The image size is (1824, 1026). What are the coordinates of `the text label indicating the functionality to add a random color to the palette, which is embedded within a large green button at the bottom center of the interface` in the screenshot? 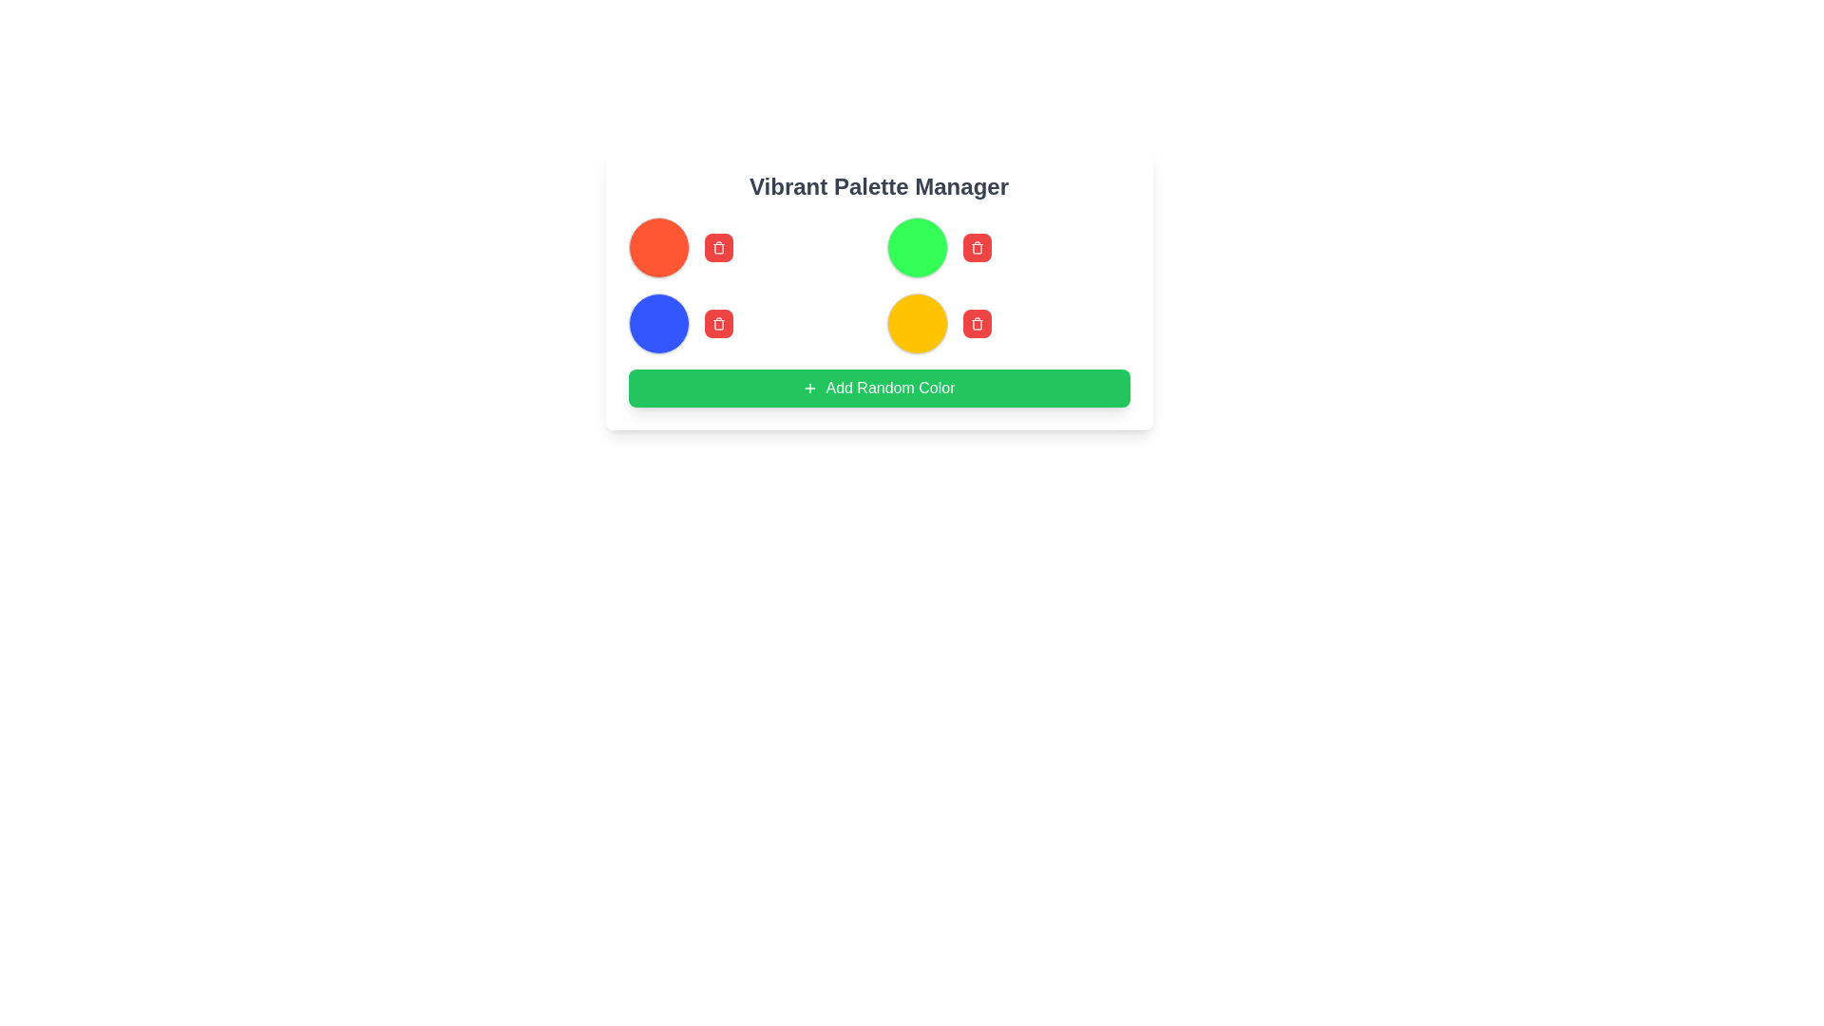 It's located at (889, 387).